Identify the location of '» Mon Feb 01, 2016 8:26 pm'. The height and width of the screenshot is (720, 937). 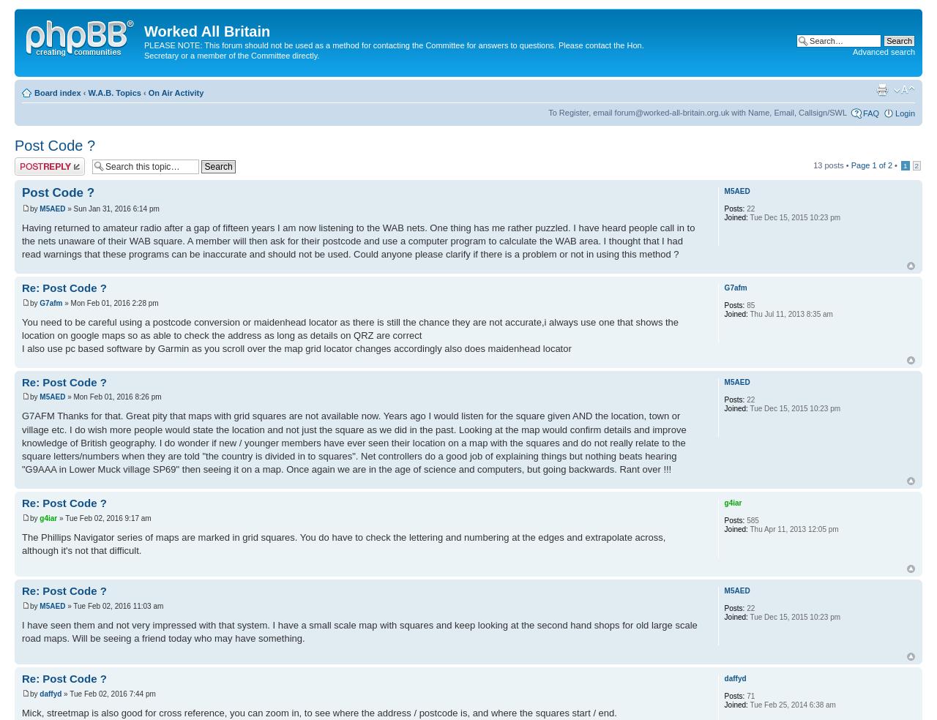
(112, 396).